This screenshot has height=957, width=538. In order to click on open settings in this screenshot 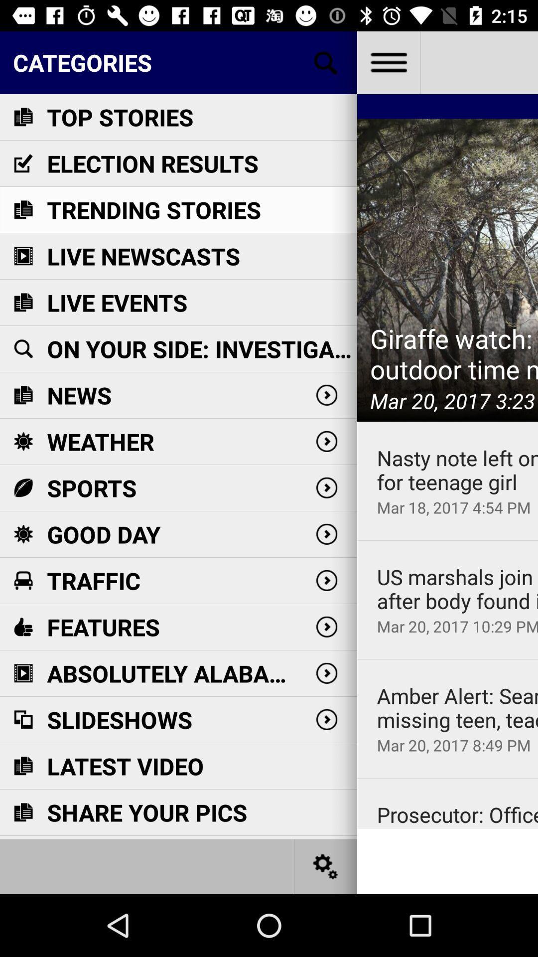, I will do `click(326, 866)`.